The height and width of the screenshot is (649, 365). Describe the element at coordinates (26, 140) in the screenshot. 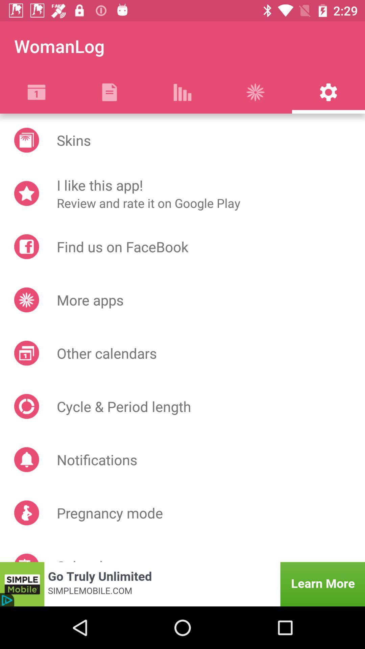

I see `icon left to text skins` at that location.